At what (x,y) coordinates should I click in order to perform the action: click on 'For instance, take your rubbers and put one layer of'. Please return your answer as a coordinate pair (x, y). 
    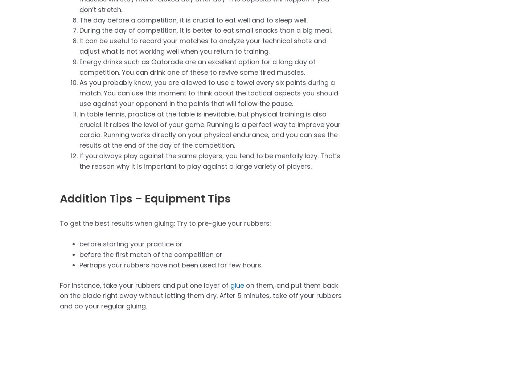
    Looking at the image, I should click on (145, 285).